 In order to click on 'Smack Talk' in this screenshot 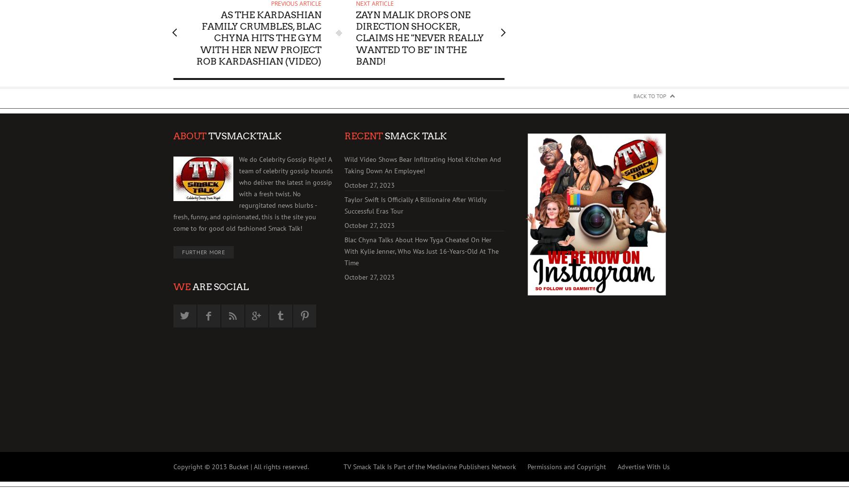, I will do `click(382, 135)`.